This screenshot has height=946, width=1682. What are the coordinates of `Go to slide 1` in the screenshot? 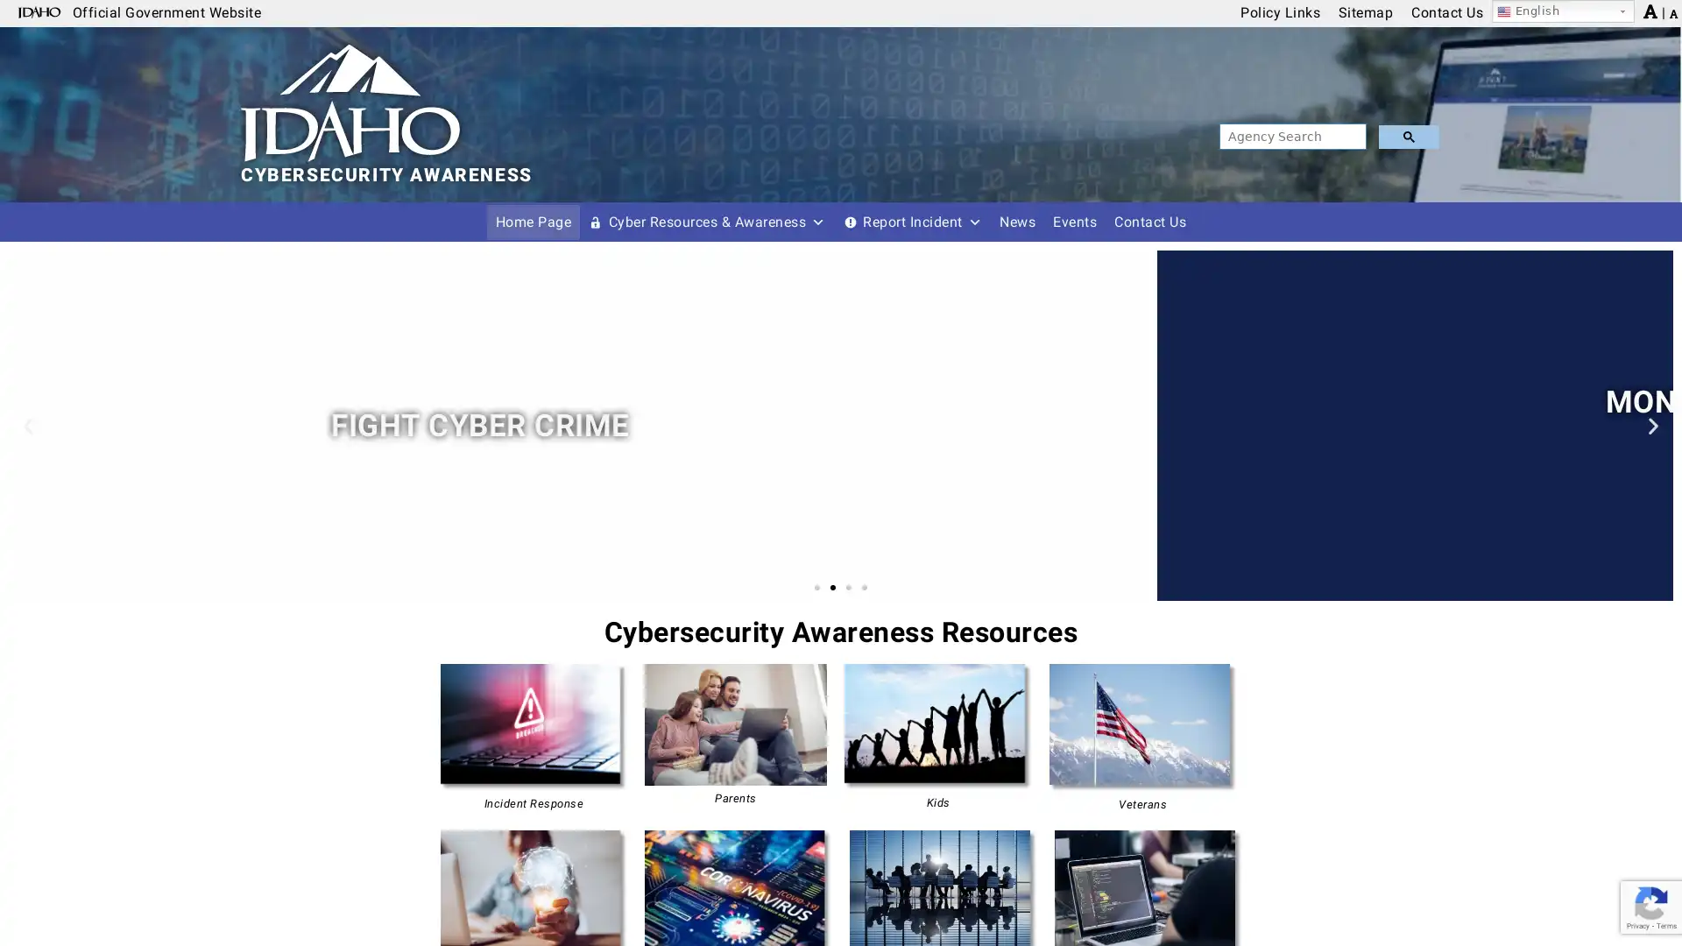 It's located at (816, 588).